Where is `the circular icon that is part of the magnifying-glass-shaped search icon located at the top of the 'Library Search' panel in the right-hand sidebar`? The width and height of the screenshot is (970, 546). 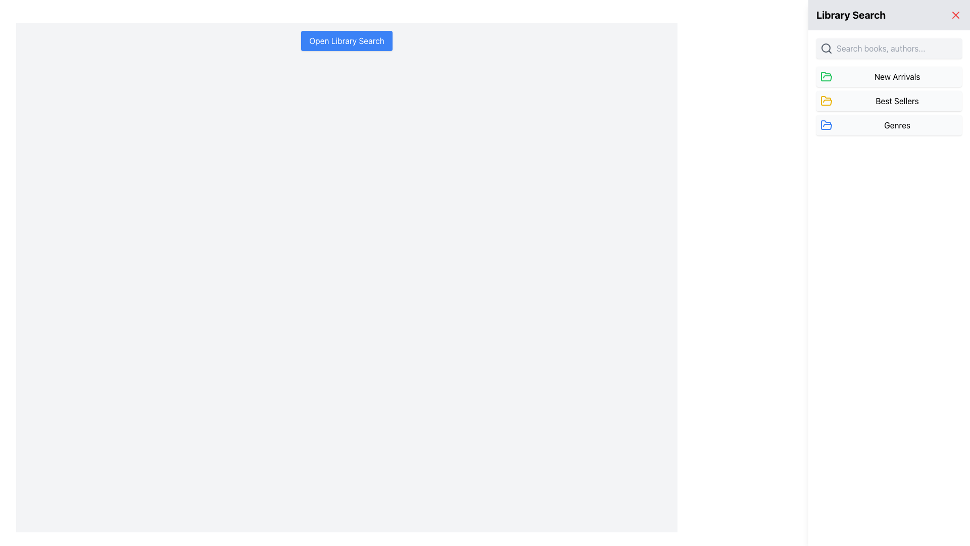
the circular icon that is part of the magnifying-glass-shaped search icon located at the top of the 'Library Search' panel in the right-hand sidebar is located at coordinates (826, 48).